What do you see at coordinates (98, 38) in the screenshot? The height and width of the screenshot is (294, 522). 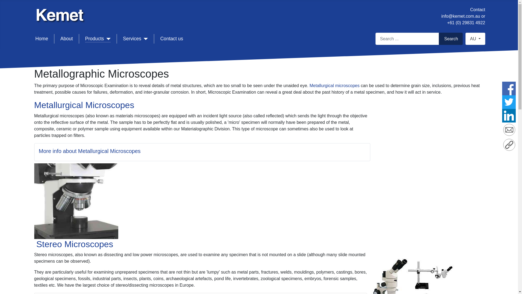 I see `'Products'` at bounding box center [98, 38].